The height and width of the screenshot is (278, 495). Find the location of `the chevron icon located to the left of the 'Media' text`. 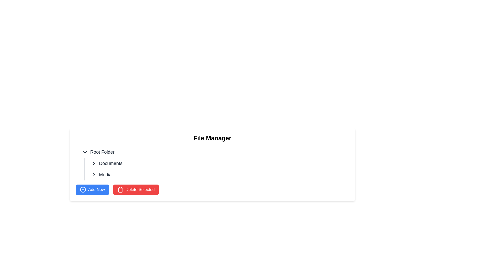

the chevron icon located to the left of the 'Media' text is located at coordinates (94, 174).